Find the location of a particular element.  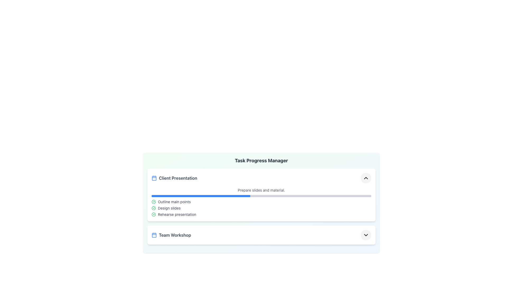

the Progress Bar located in the 'Prepare slides and material' section, which visually represents the progress of a task or goal is located at coordinates (261, 196).